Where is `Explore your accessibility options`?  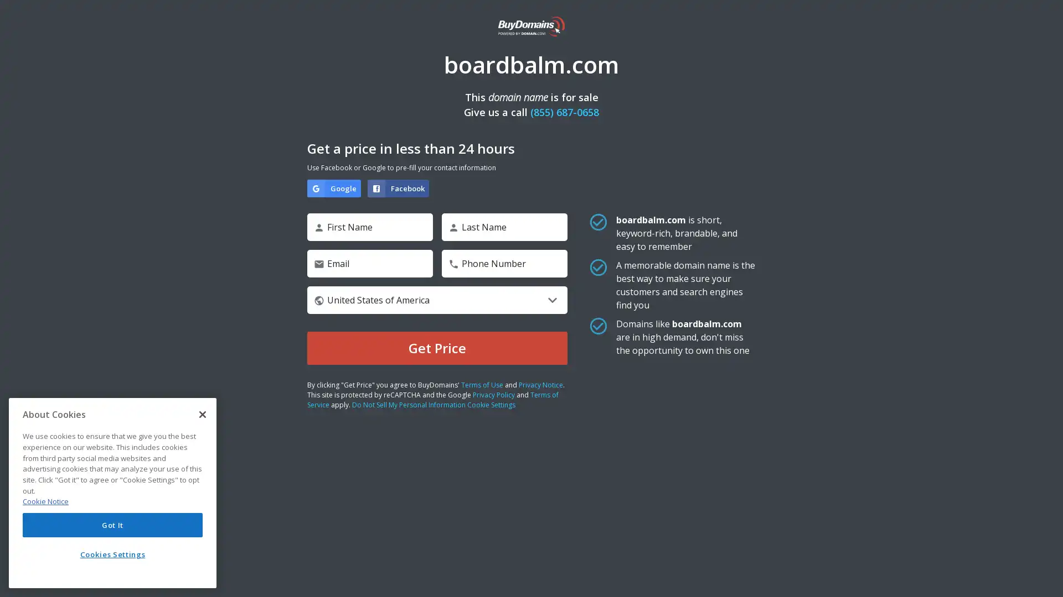
Explore your accessibility options is located at coordinates (1044, 577).